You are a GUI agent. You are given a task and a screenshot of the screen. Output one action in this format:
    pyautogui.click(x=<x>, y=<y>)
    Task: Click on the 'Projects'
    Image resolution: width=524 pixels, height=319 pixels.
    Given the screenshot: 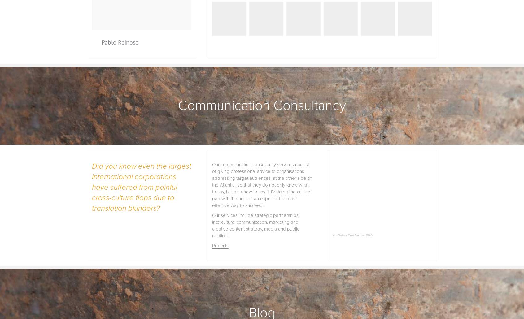 What is the action you would take?
    pyautogui.click(x=220, y=245)
    